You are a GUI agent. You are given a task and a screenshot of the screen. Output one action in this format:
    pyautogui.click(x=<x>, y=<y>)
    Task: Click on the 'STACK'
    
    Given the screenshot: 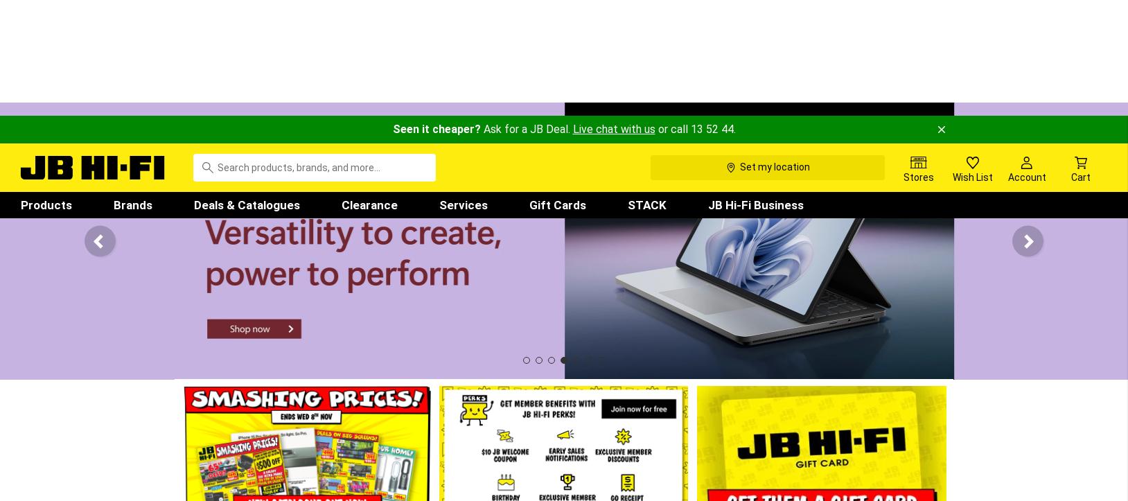 What is the action you would take?
    pyautogui.click(x=626, y=87)
    